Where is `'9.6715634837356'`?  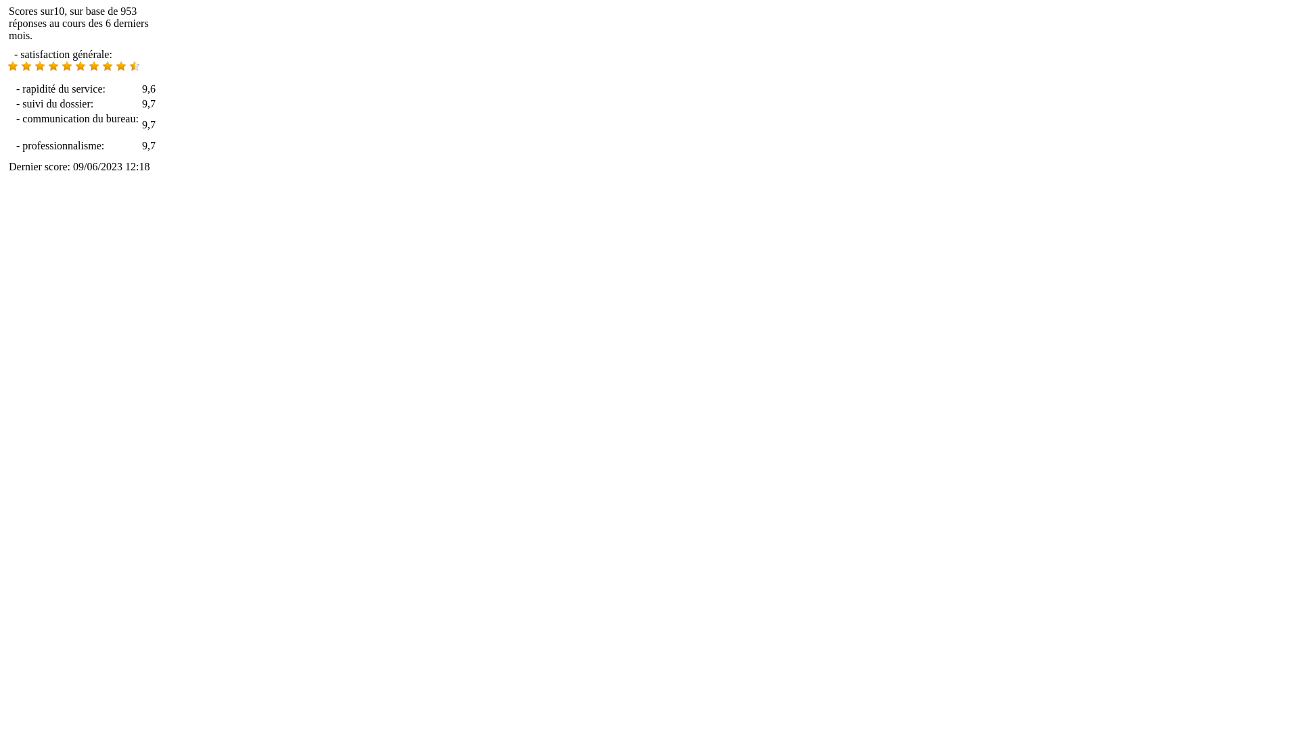 '9.6715634837356' is located at coordinates (79, 68).